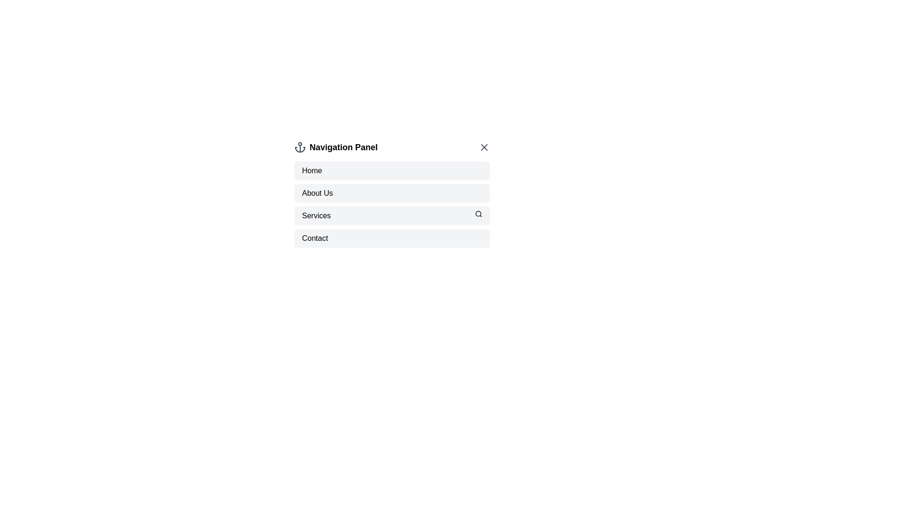  Describe the element at coordinates (299, 147) in the screenshot. I see `the anchor-shaped icon in the Navigation Panel, which is dark gray and located at the far left of the row, next to the 'Navigation Panel' label` at that location.